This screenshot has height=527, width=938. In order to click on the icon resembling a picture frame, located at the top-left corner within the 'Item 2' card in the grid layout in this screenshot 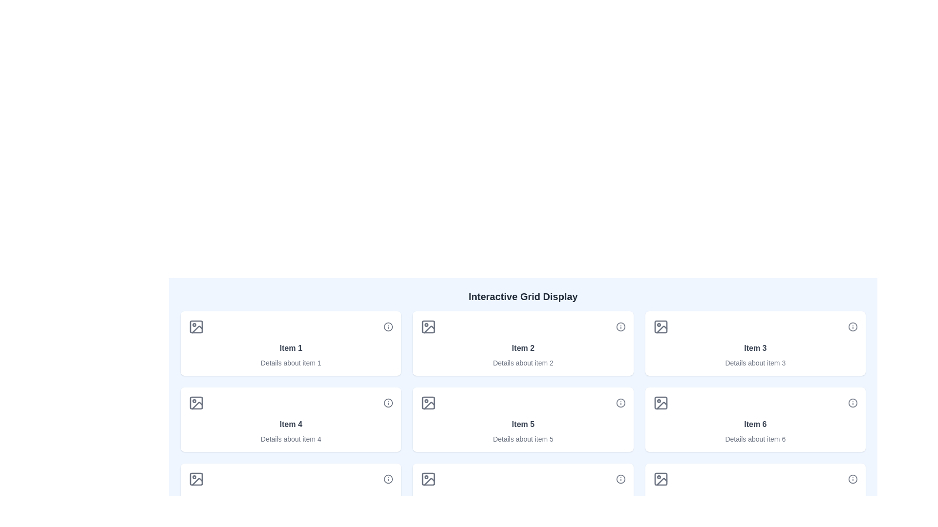, I will do `click(428, 327)`.